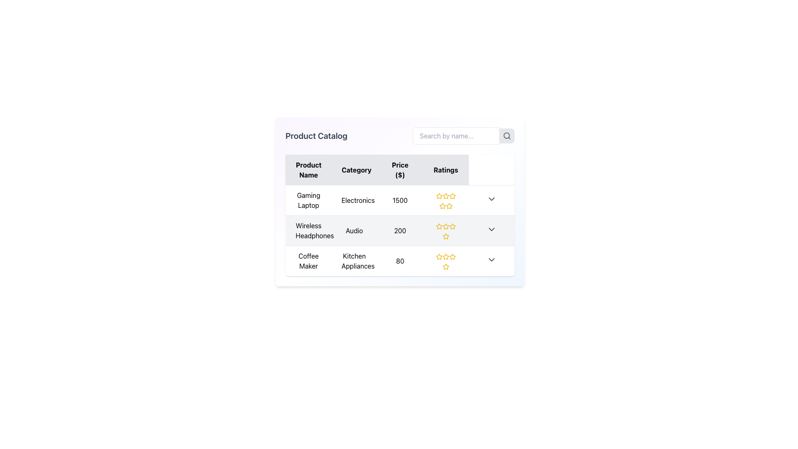  What do you see at coordinates (400, 169) in the screenshot?
I see `the third column header labeled 'Price' in the table, which is positioned between the 'Category' and 'Ratings' headers` at bounding box center [400, 169].